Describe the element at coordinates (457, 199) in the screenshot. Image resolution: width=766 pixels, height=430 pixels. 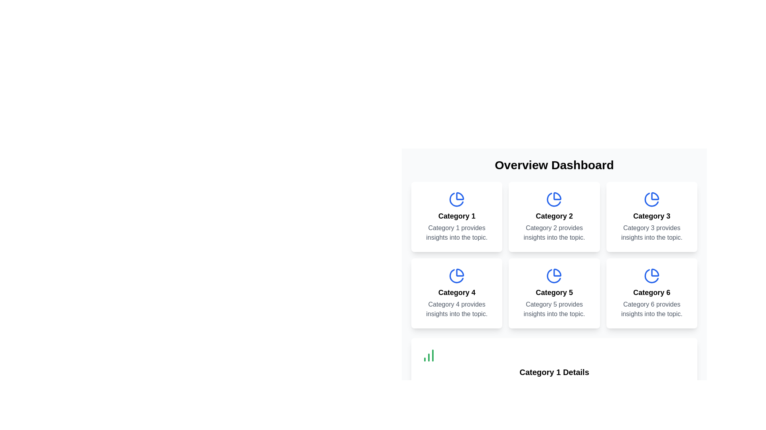
I see `the Decorative icon, a circular pie chart icon with a blue outline located at the top center of the 'Category 1' card` at that location.